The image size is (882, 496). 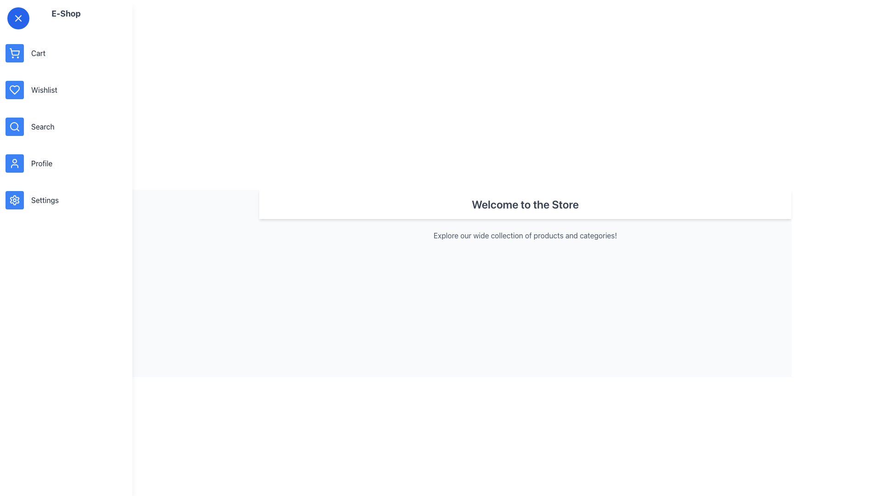 What do you see at coordinates (15, 199) in the screenshot?
I see `the 'Settings' gear icon located at the bottom of the sidebar, beneath the 'Profile' element` at bounding box center [15, 199].